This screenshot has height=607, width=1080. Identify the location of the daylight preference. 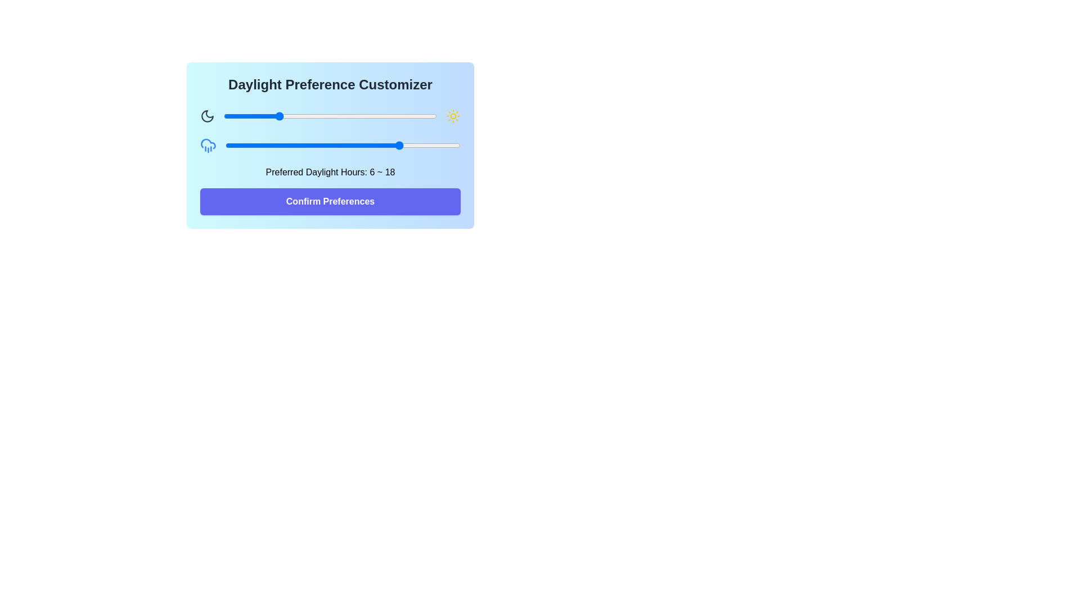
(342, 144).